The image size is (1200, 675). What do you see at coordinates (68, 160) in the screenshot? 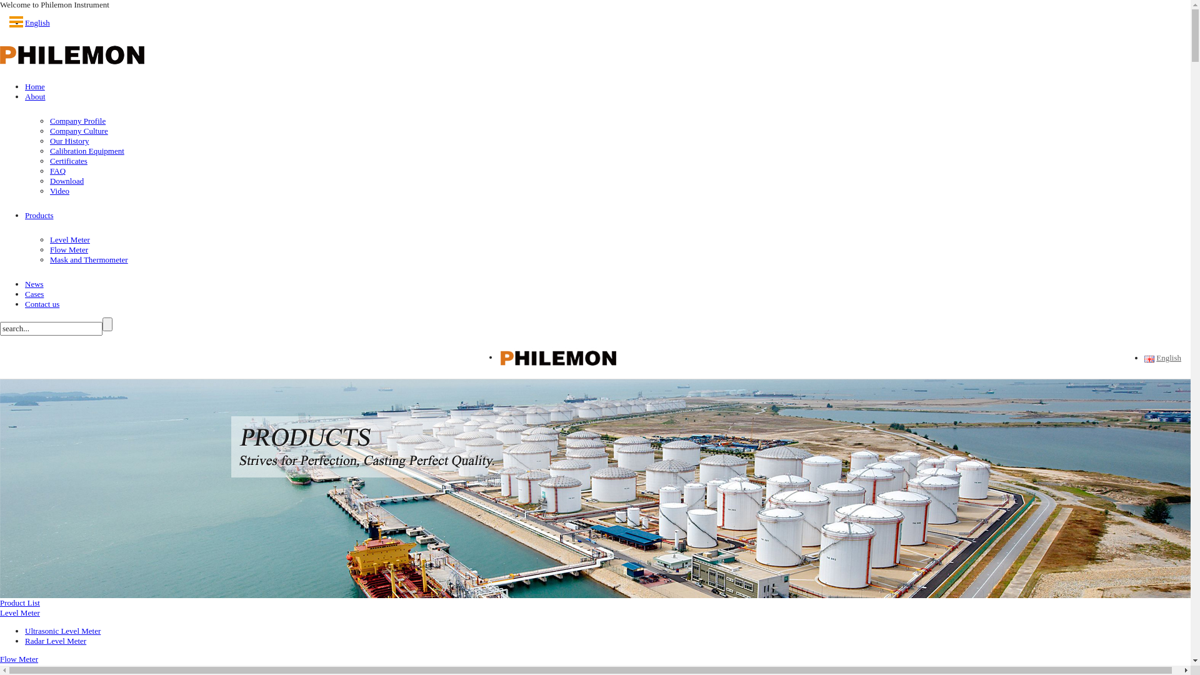
I see `'Certificates'` at bounding box center [68, 160].